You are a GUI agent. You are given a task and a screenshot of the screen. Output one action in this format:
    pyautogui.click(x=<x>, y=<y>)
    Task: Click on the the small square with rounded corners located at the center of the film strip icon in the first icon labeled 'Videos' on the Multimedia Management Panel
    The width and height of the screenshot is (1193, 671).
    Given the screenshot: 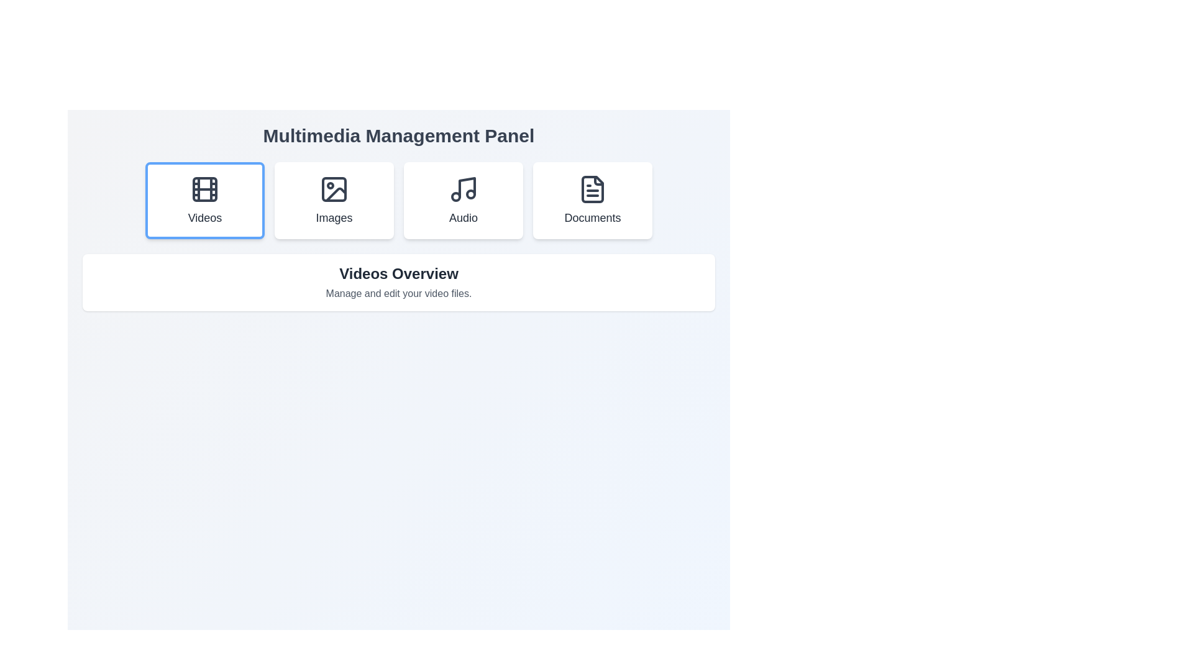 What is the action you would take?
    pyautogui.click(x=205, y=189)
    